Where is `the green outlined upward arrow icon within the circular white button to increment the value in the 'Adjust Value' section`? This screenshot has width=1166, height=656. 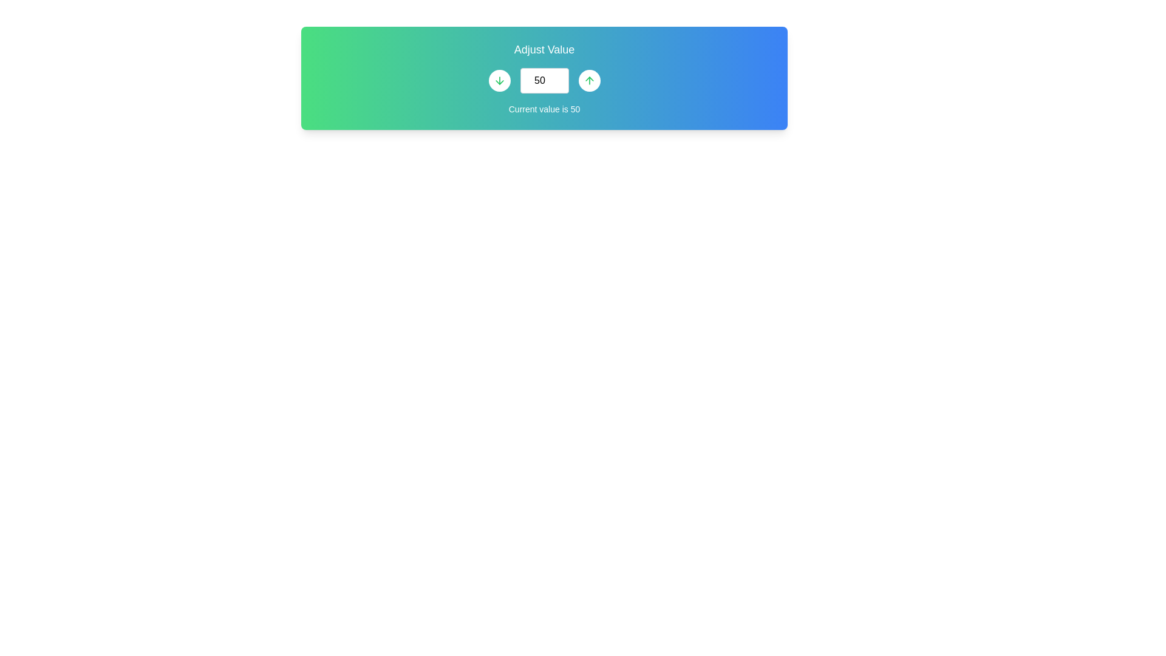
the green outlined upward arrow icon within the circular white button to increment the value in the 'Adjust Value' section is located at coordinates (589, 80).